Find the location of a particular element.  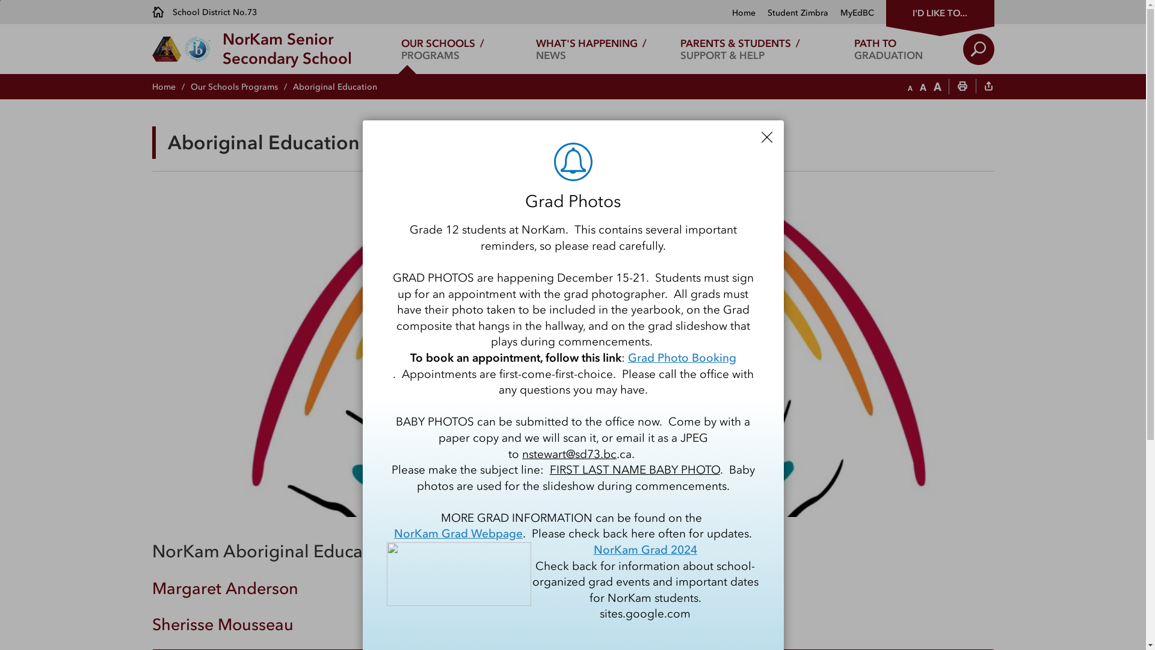

'NorKam Senior Secondary School' is located at coordinates (571, 354).